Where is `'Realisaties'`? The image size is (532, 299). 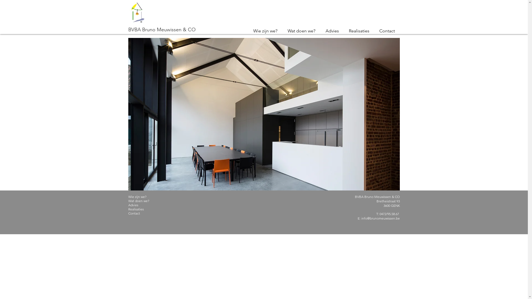
'Realisaties' is located at coordinates (359, 31).